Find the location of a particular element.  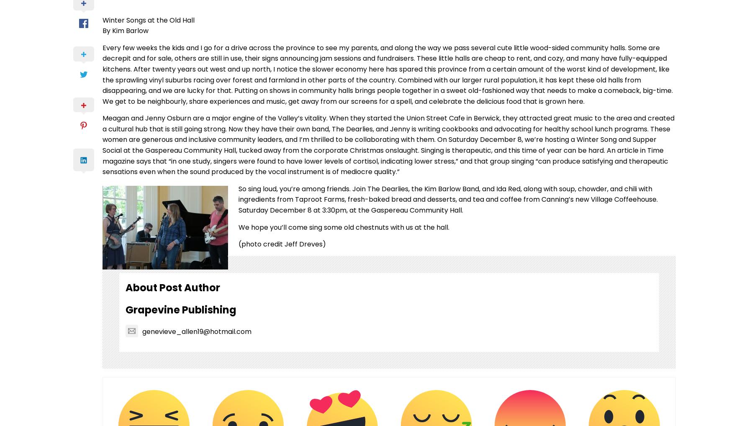

'By Kim Barlow' is located at coordinates (126, 31).